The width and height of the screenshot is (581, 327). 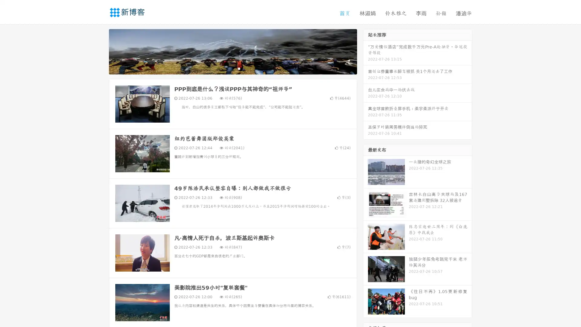 I want to click on Go to slide 1, so click(x=226, y=68).